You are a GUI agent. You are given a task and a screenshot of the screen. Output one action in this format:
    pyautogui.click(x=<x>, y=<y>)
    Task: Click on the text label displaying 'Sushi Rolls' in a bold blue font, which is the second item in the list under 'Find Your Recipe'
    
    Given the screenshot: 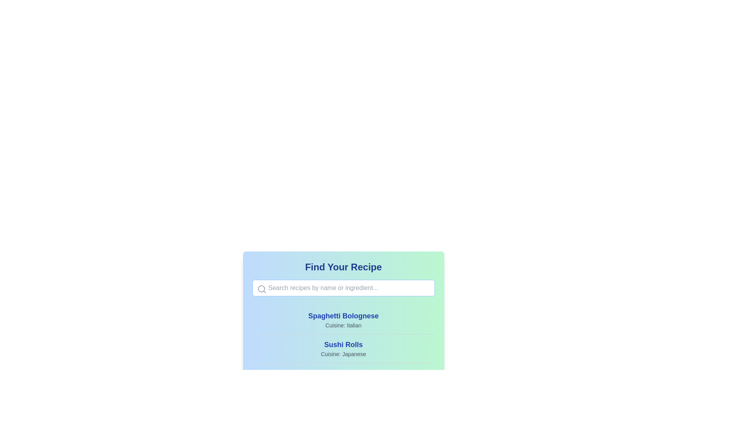 What is the action you would take?
    pyautogui.click(x=343, y=344)
    